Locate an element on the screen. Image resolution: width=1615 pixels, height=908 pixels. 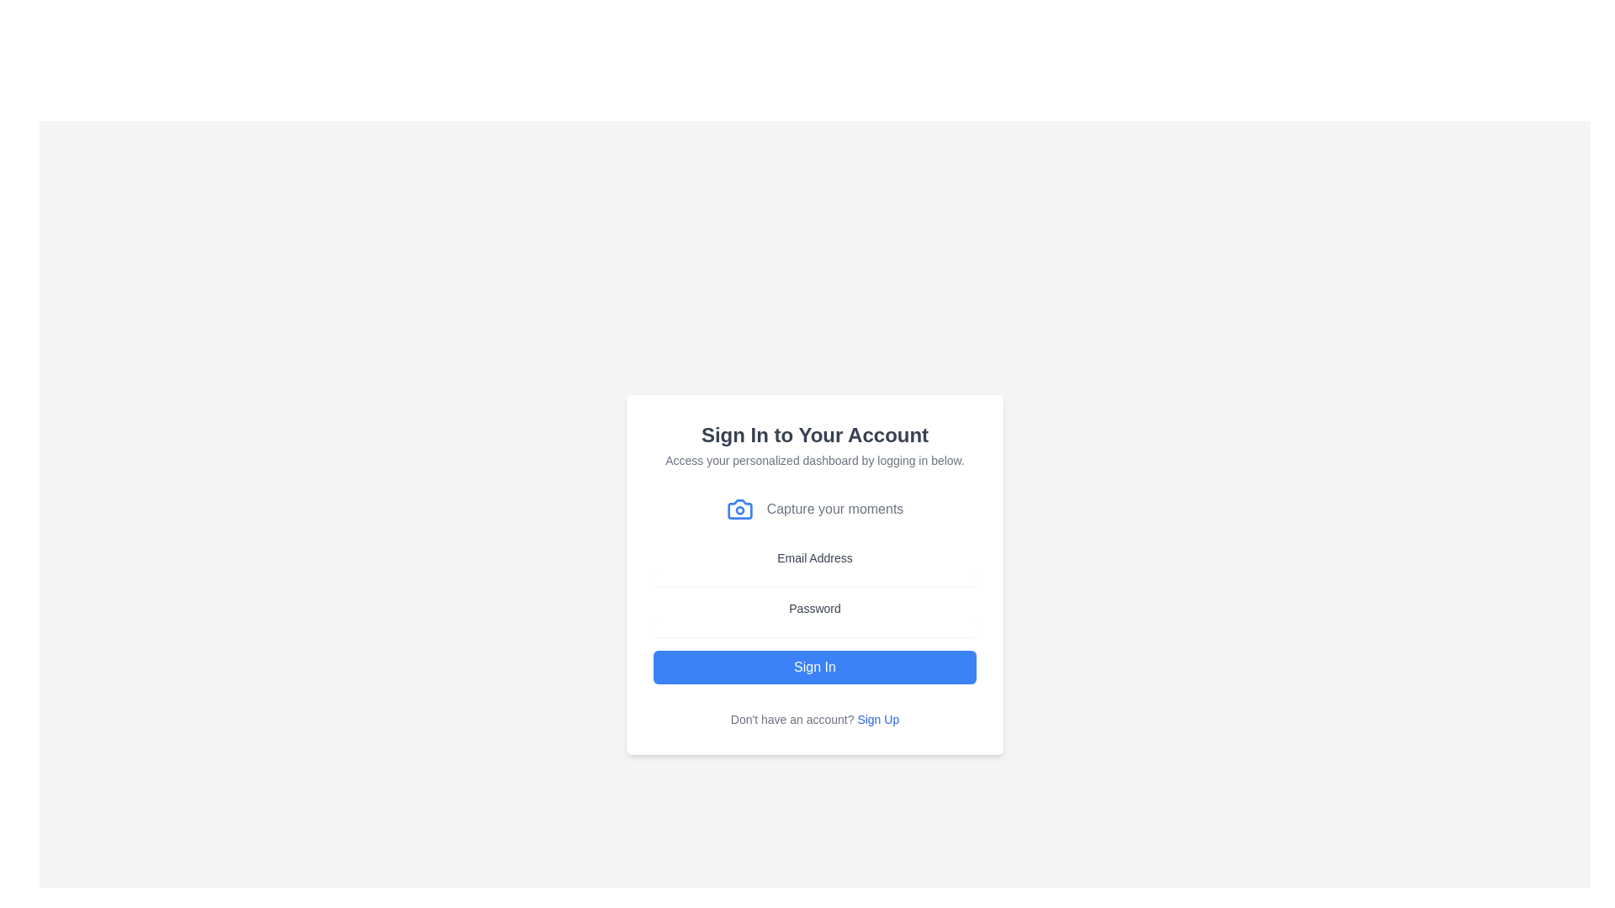
the 'Password' Text Label, which is positioned between the 'Email Address' group and the 'Sign In' button in the vertically aligned form layout is located at coordinates (815, 619).